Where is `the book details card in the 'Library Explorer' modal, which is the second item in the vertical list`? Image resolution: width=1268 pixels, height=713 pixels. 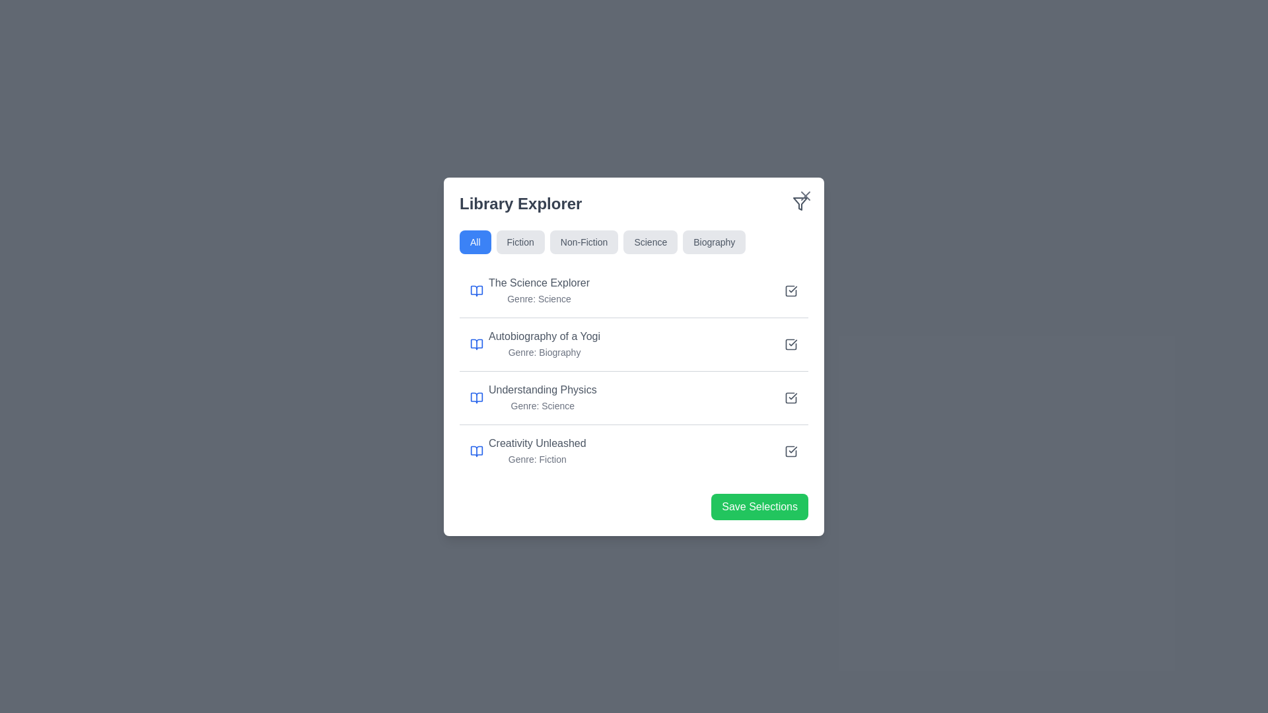 the book details card in the 'Library Explorer' modal, which is the second item in the vertical list is located at coordinates (634, 353).